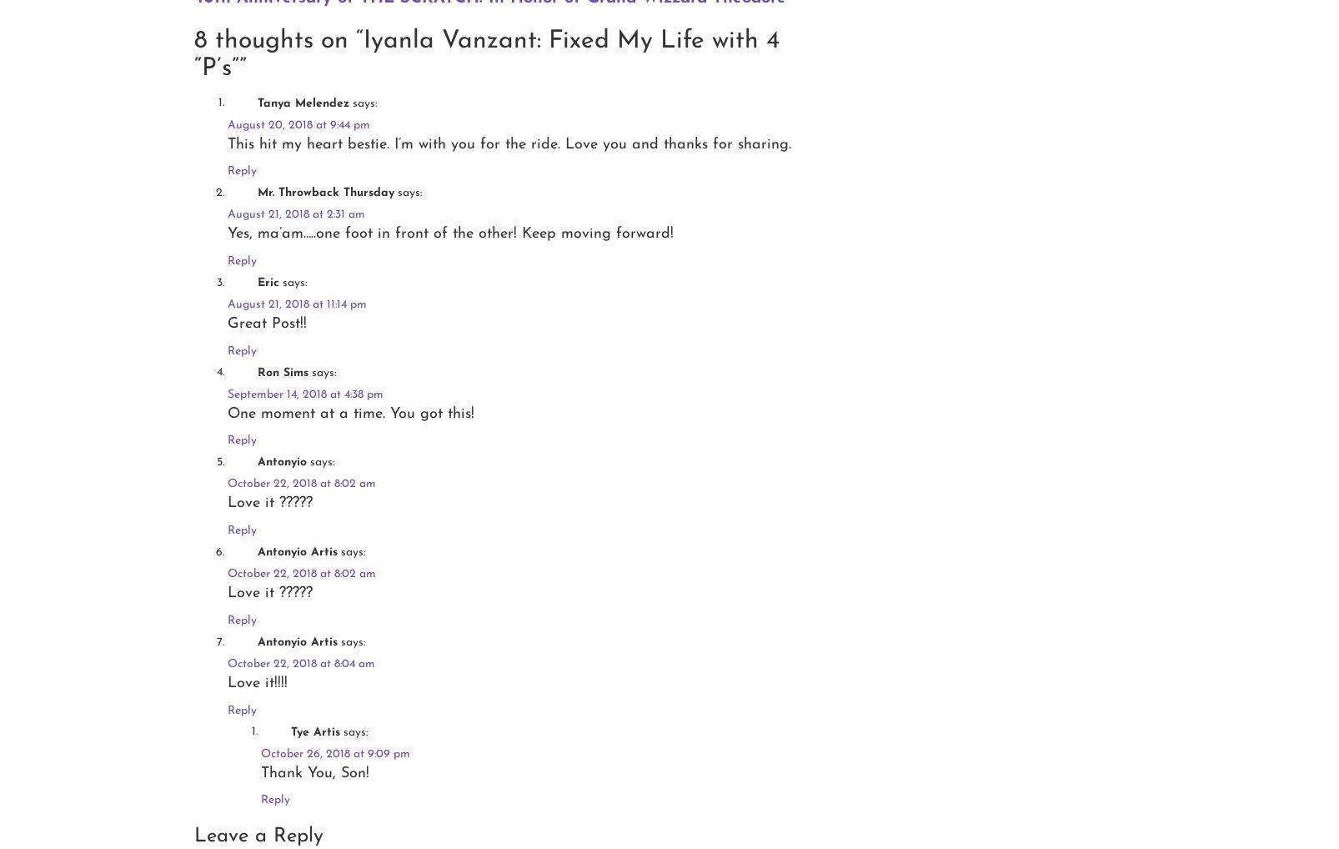  I want to click on 'Thank You, Son!', so click(314, 771).